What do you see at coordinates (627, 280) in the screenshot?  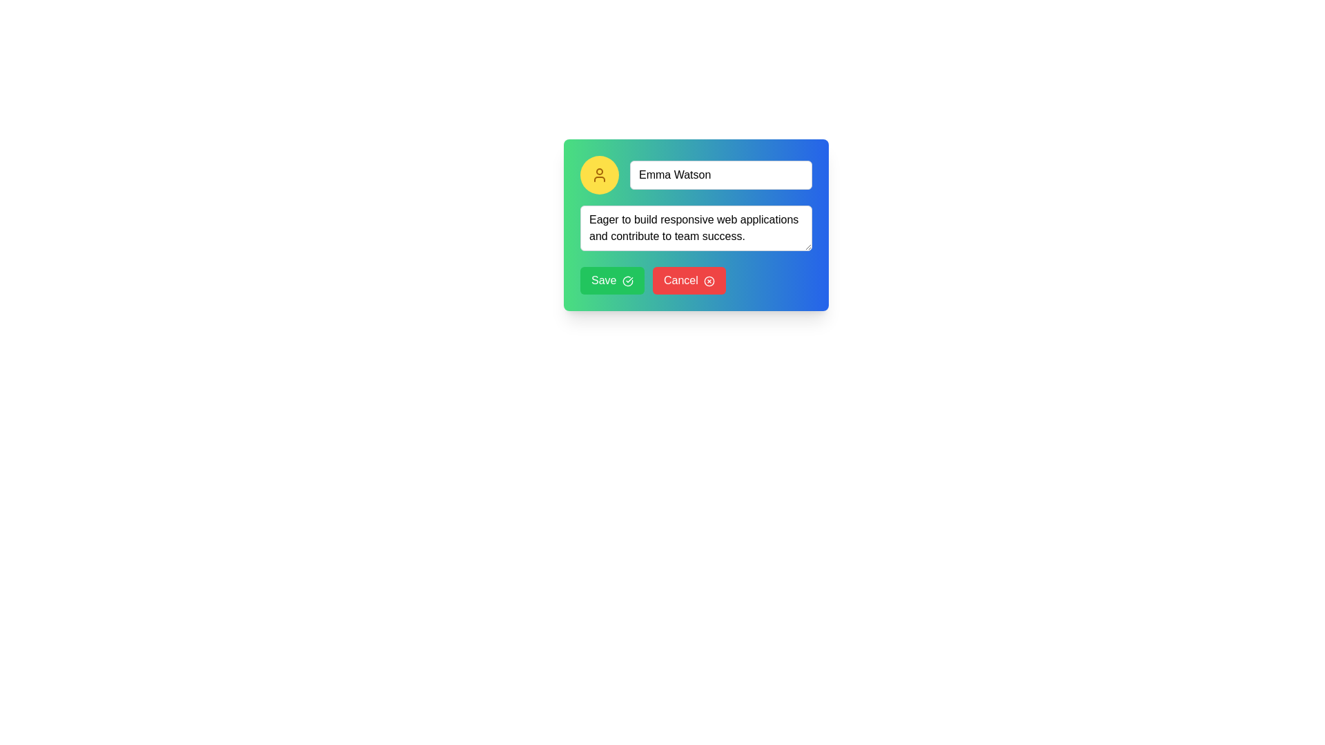 I see `the success icon located to the immediate right of the 'Save' text within the green button at the bottom left of the dialog window` at bounding box center [627, 280].